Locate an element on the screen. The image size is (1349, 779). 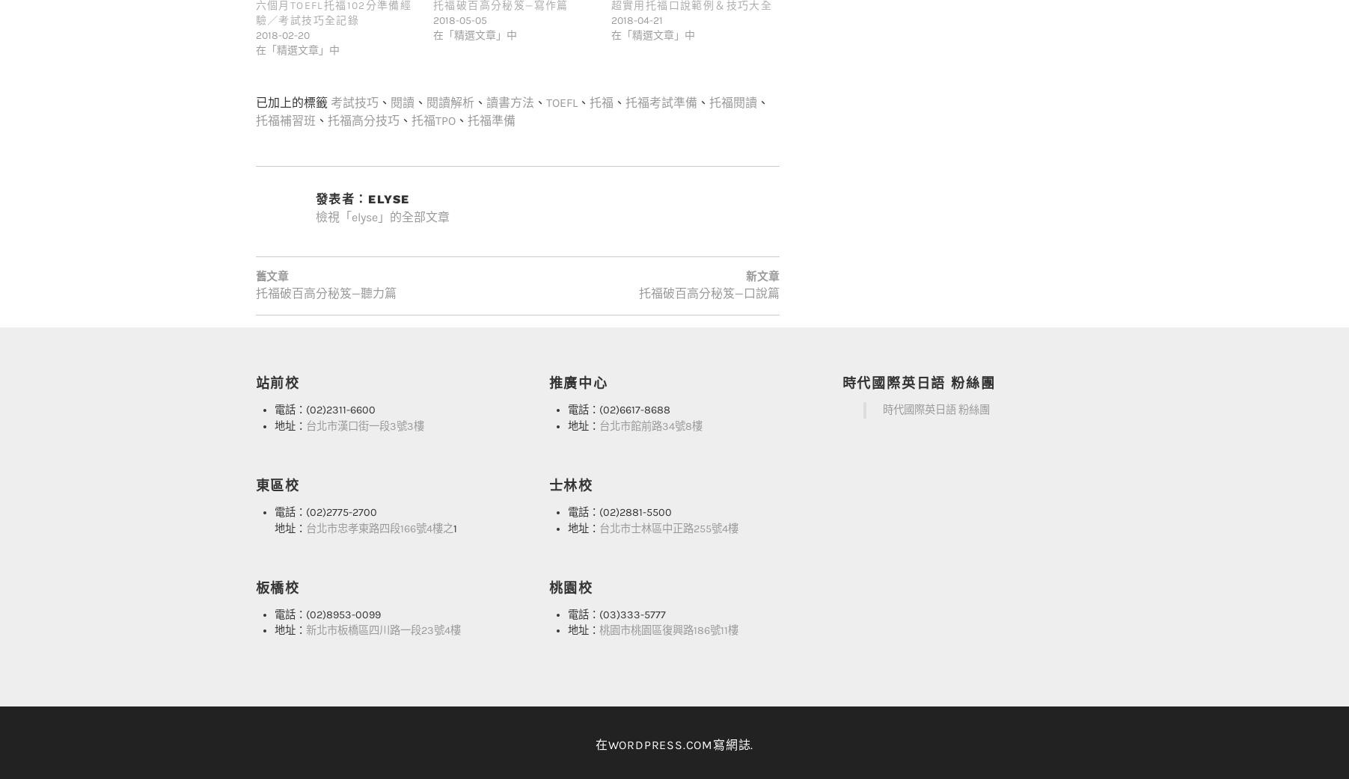
'在WordPress.com寫網誌.' is located at coordinates (673, 713).